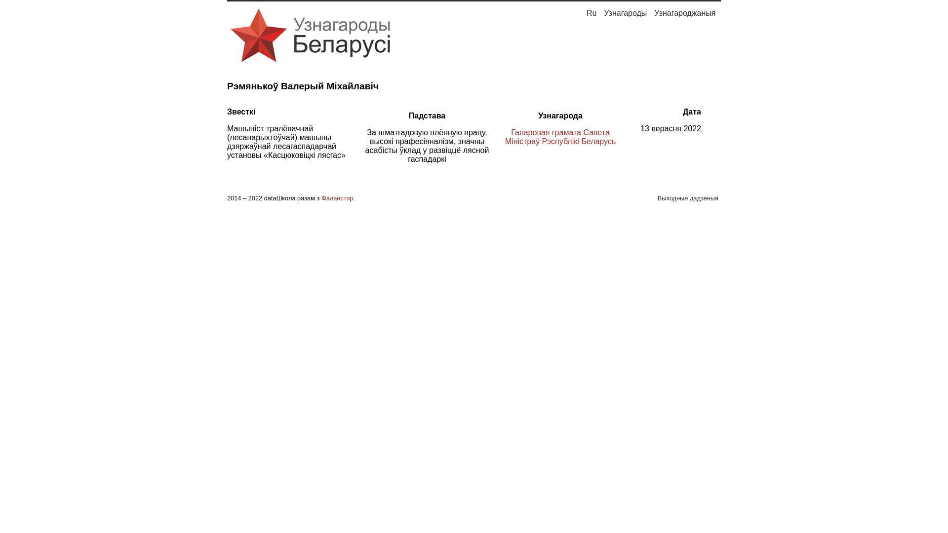 The image size is (948, 533). I want to click on 'Ru', so click(592, 13).